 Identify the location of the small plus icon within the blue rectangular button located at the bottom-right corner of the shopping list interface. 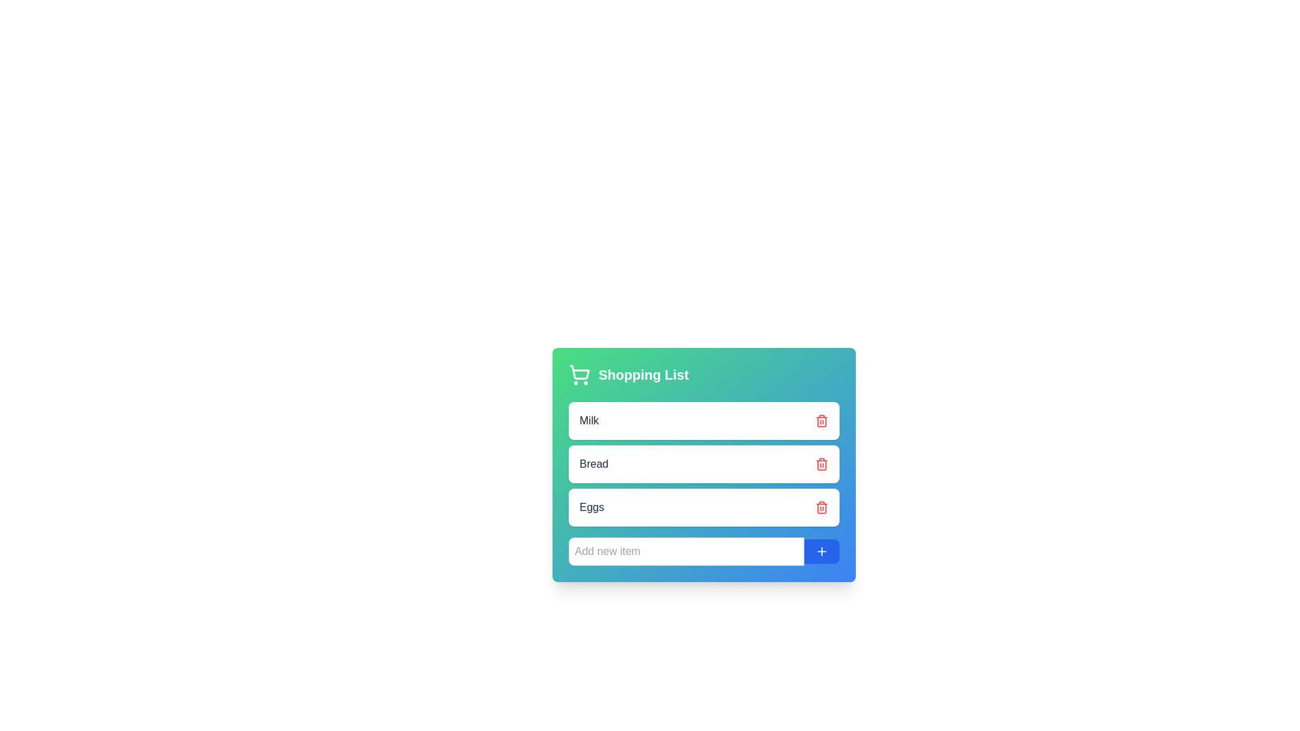
(821, 551).